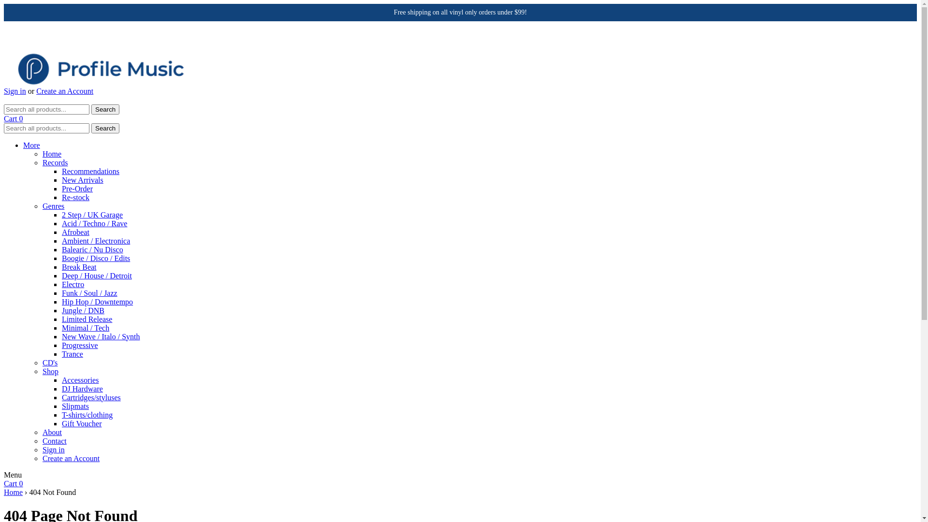  What do you see at coordinates (87, 414) in the screenshot?
I see `'T-shirts/clothing'` at bounding box center [87, 414].